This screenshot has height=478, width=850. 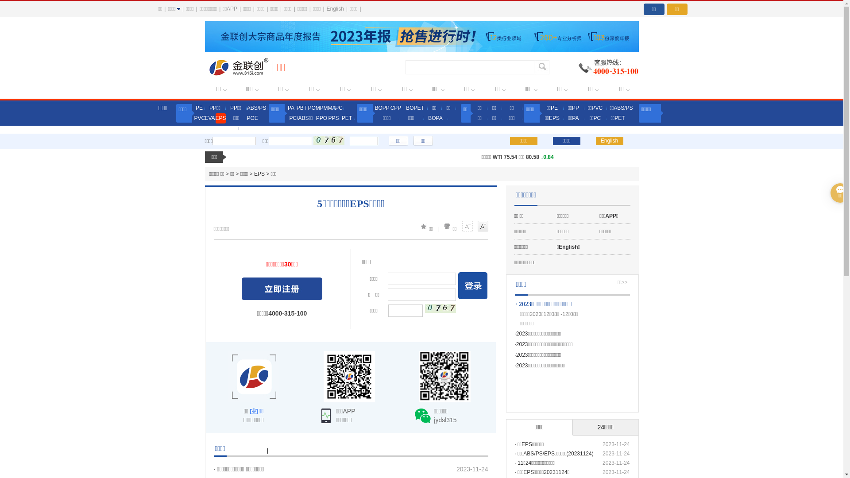 I want to click on 'PE', so click(x=198, y=108).